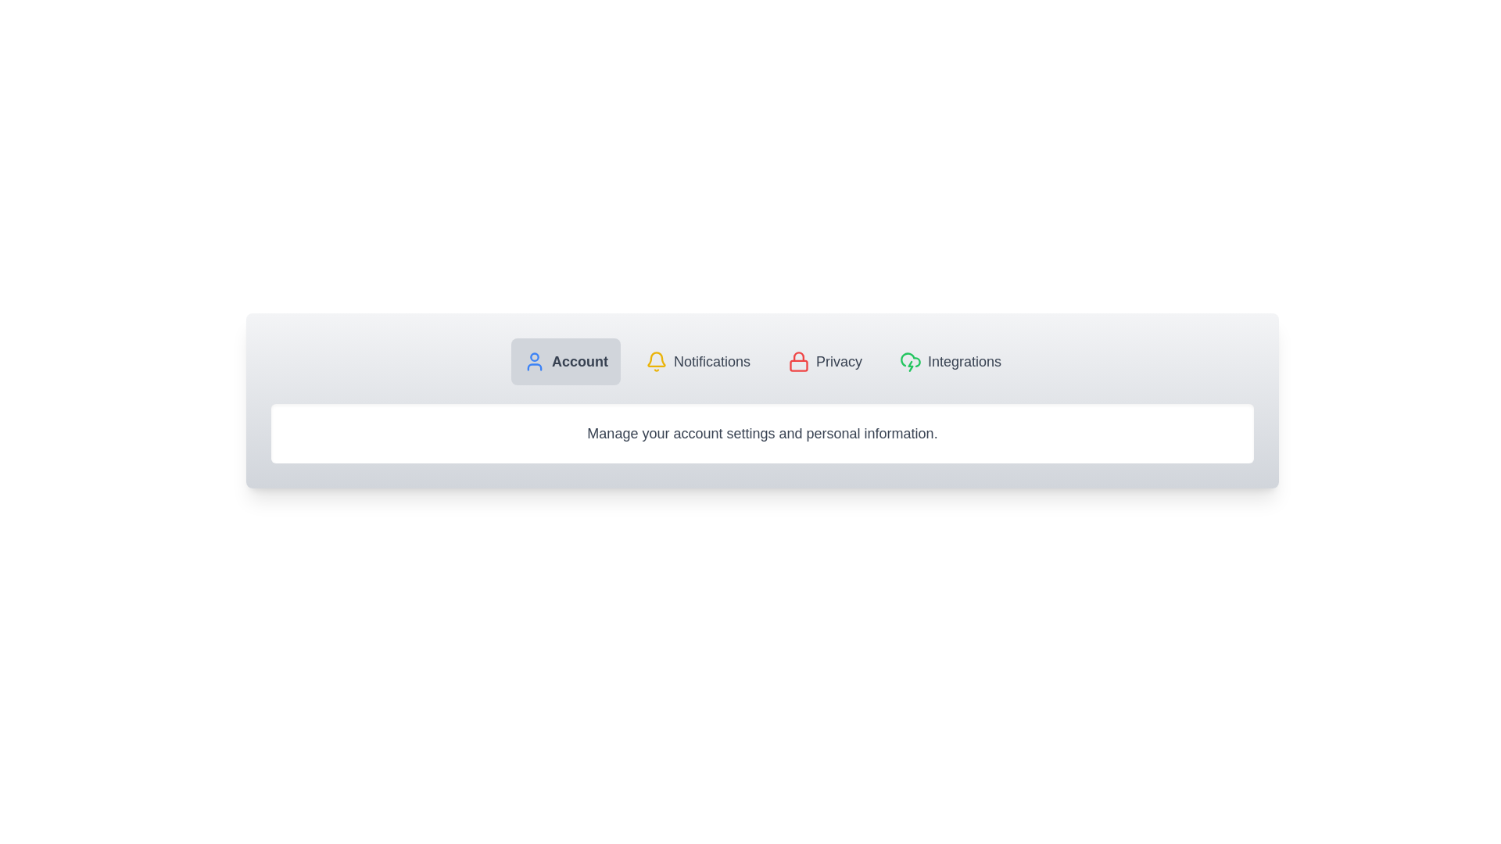 This screenshot has width=1501, height=844. I want to click on the 'Account' settings button to change its background color, which is the first button in a horizontal list of options, so click(565, 361).